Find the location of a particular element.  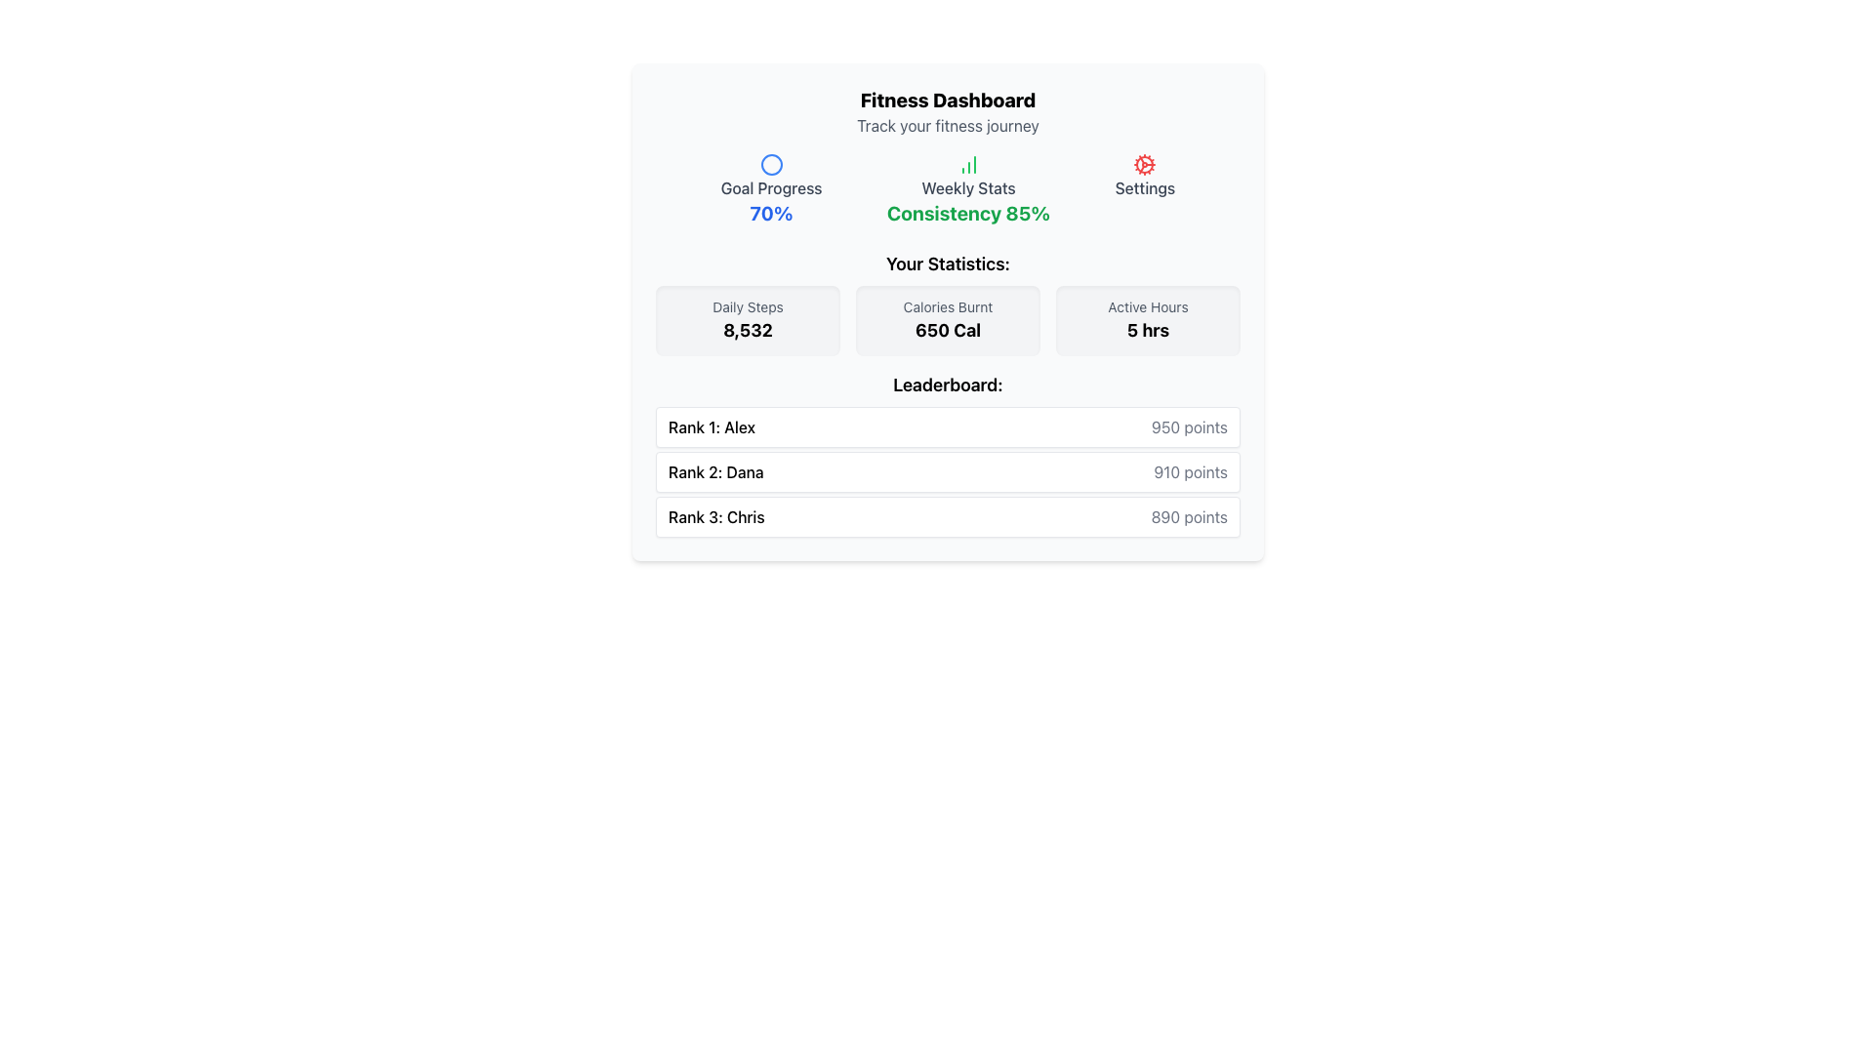

the text element displaying '910 points', which is styled in gray and positioned to the right of 'Rank 2: Dana' in the leaderboard list is located at coordinates (1190, 471).